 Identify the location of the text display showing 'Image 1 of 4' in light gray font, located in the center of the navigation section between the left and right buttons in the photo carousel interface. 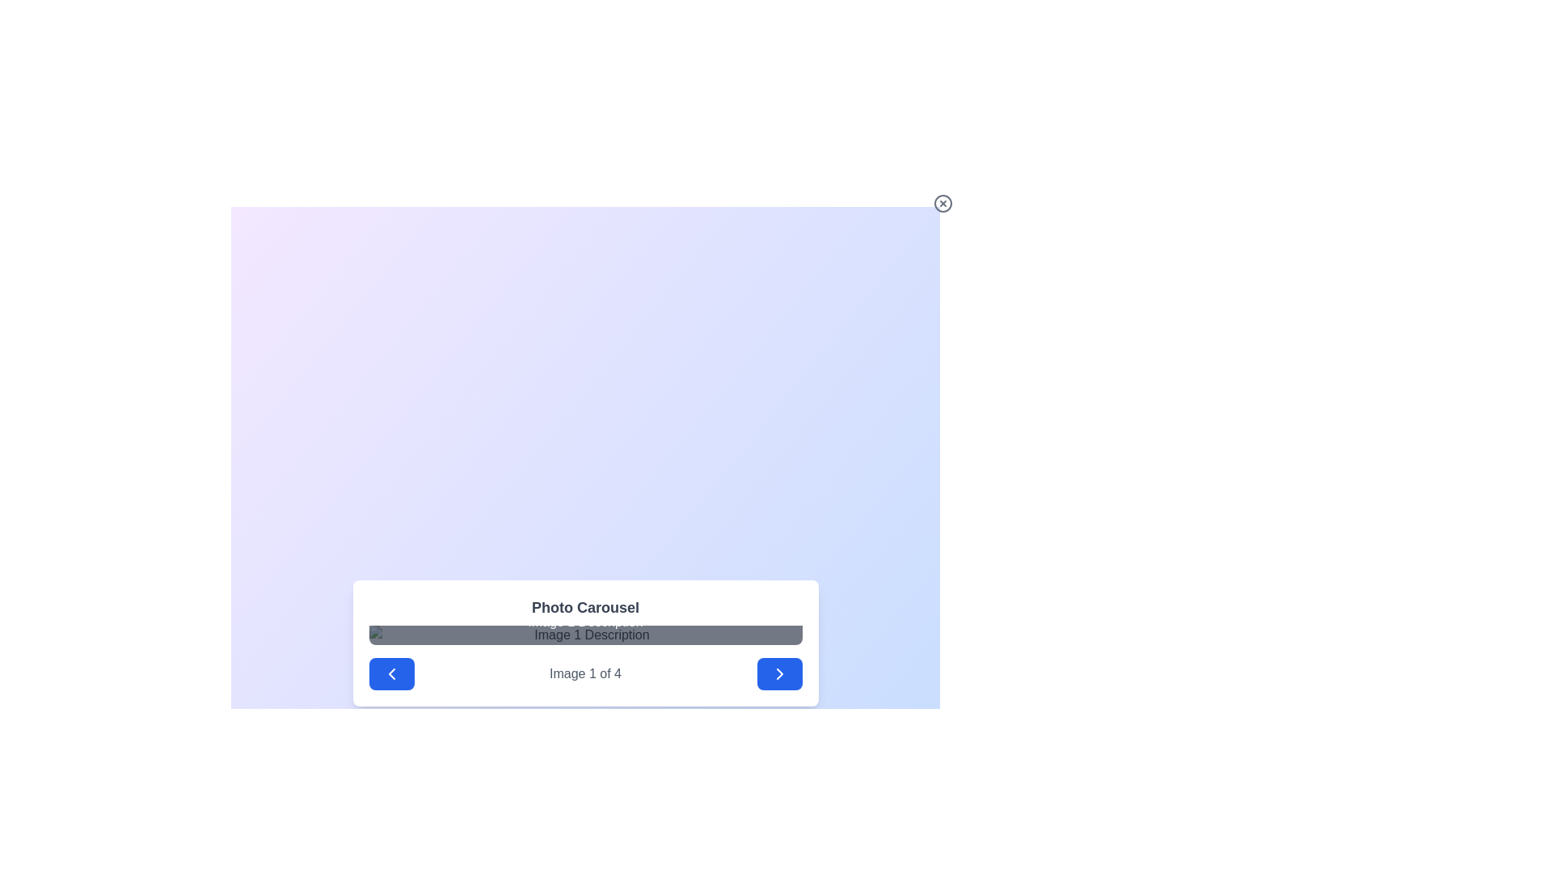
(584, 673).